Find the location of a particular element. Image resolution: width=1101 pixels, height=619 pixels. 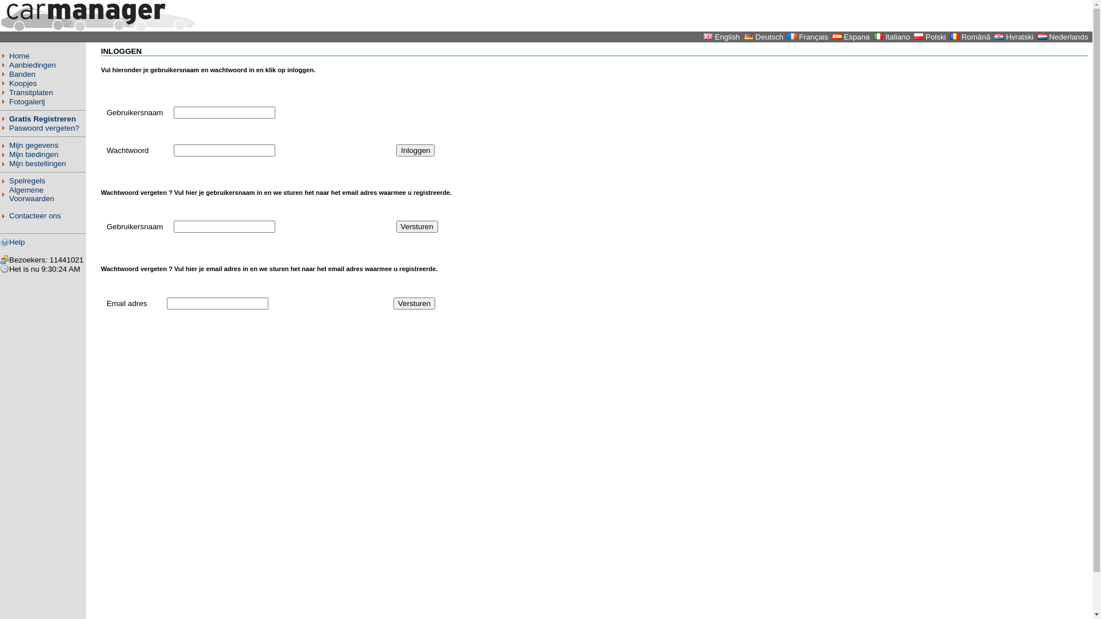

'Transitplaten' is located at coordinates (9, 92).